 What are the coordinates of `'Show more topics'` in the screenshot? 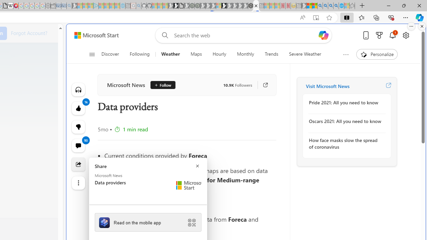 It's located at (346, 54).